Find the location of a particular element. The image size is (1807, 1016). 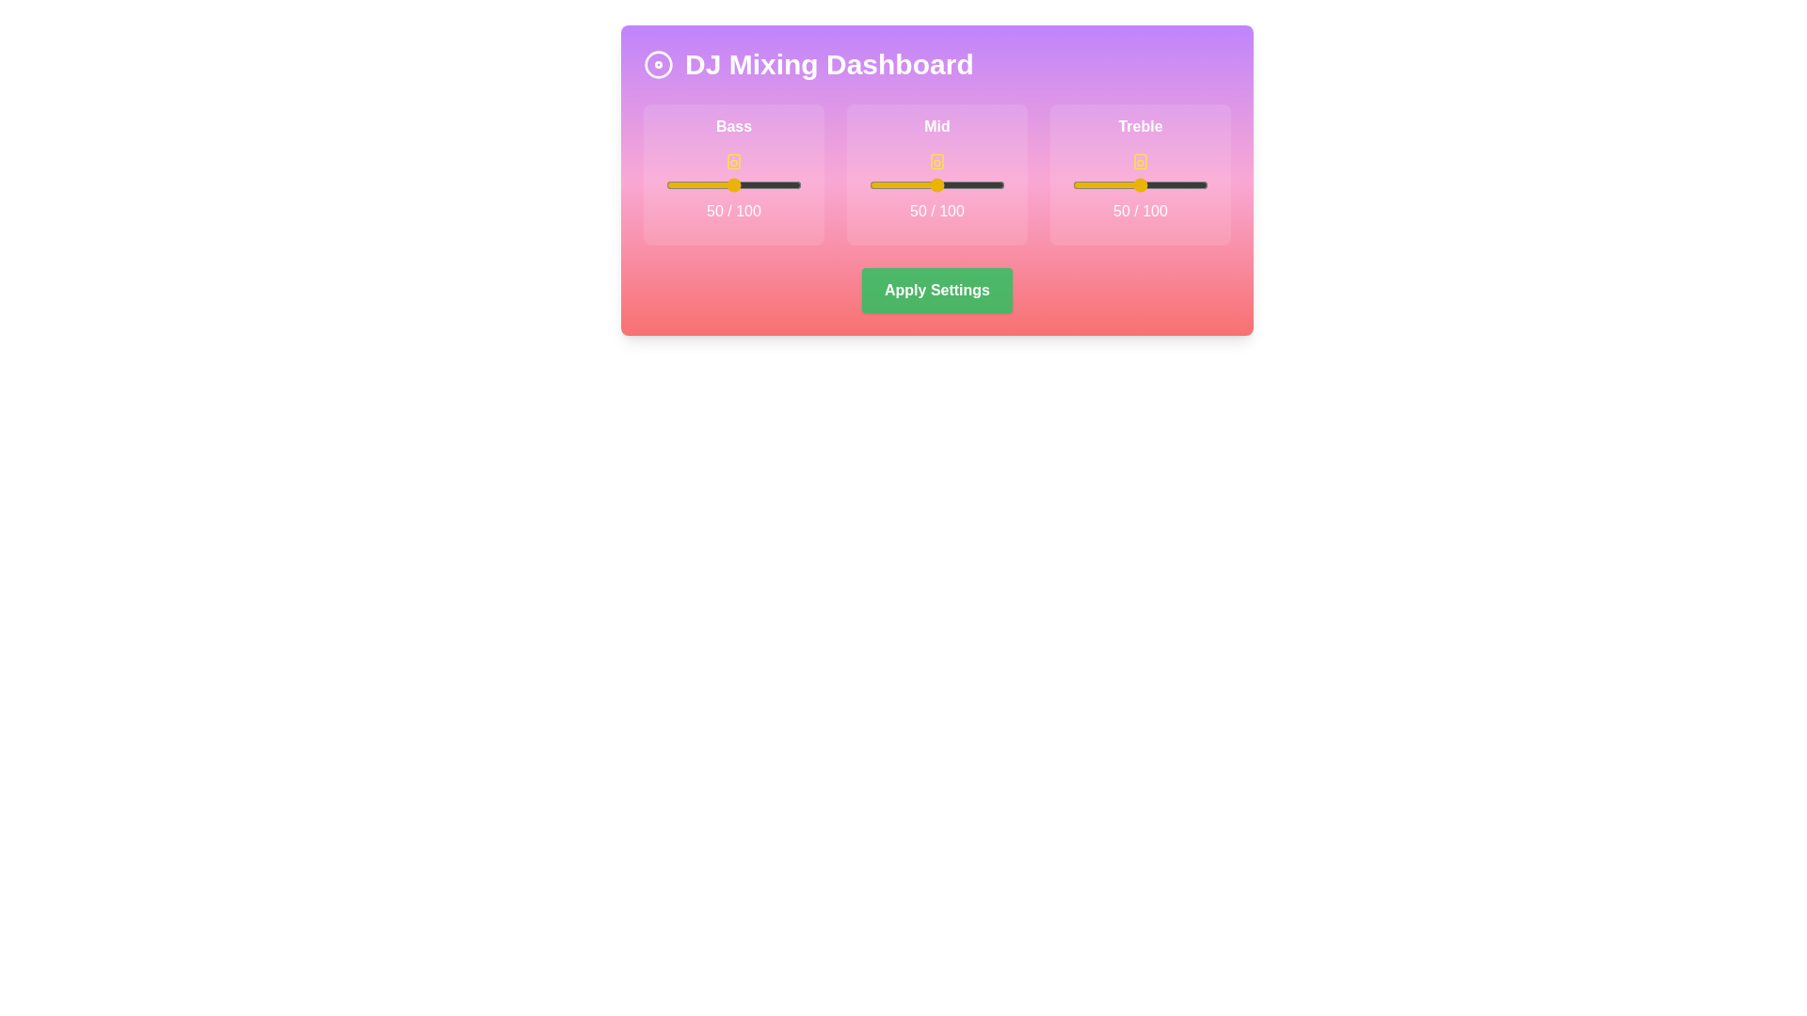

the bass slider to set its value to 12 is located at coordinates (681, 184).